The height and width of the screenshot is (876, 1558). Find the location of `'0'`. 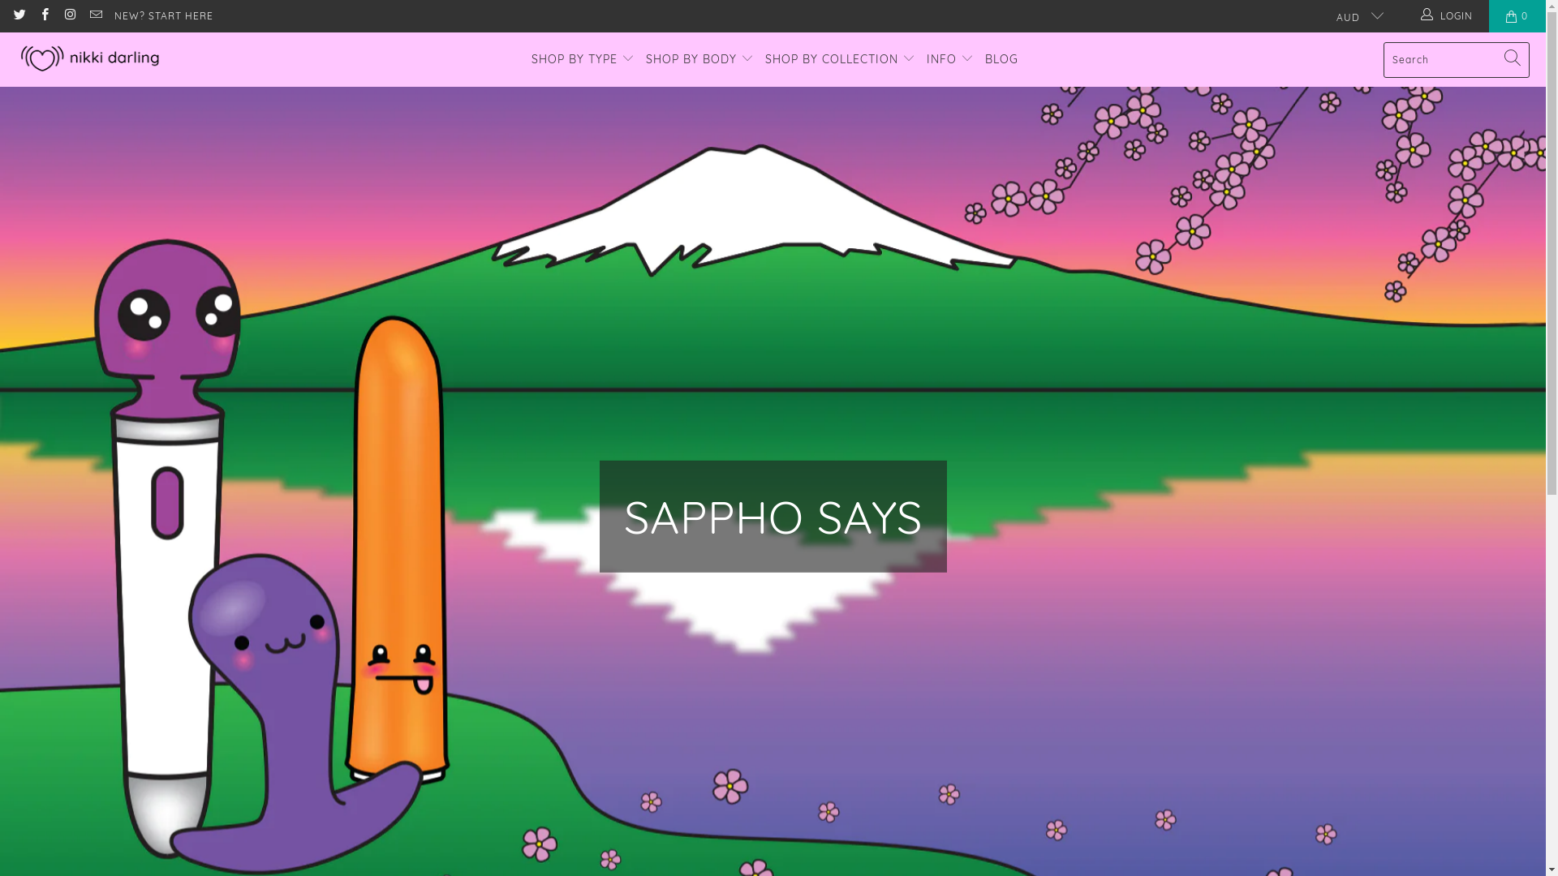

'0' is located at coordinates (1517, 15).